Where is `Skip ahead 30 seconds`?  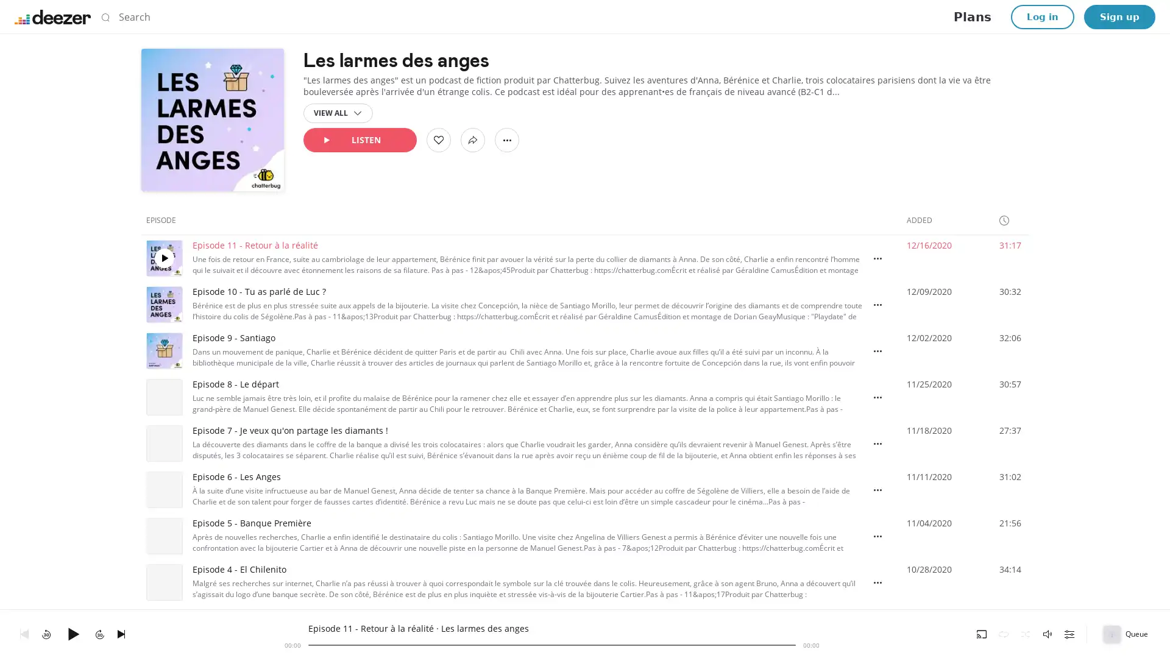 Skip ahead 30 seconds is located at coordinates (99, 633).